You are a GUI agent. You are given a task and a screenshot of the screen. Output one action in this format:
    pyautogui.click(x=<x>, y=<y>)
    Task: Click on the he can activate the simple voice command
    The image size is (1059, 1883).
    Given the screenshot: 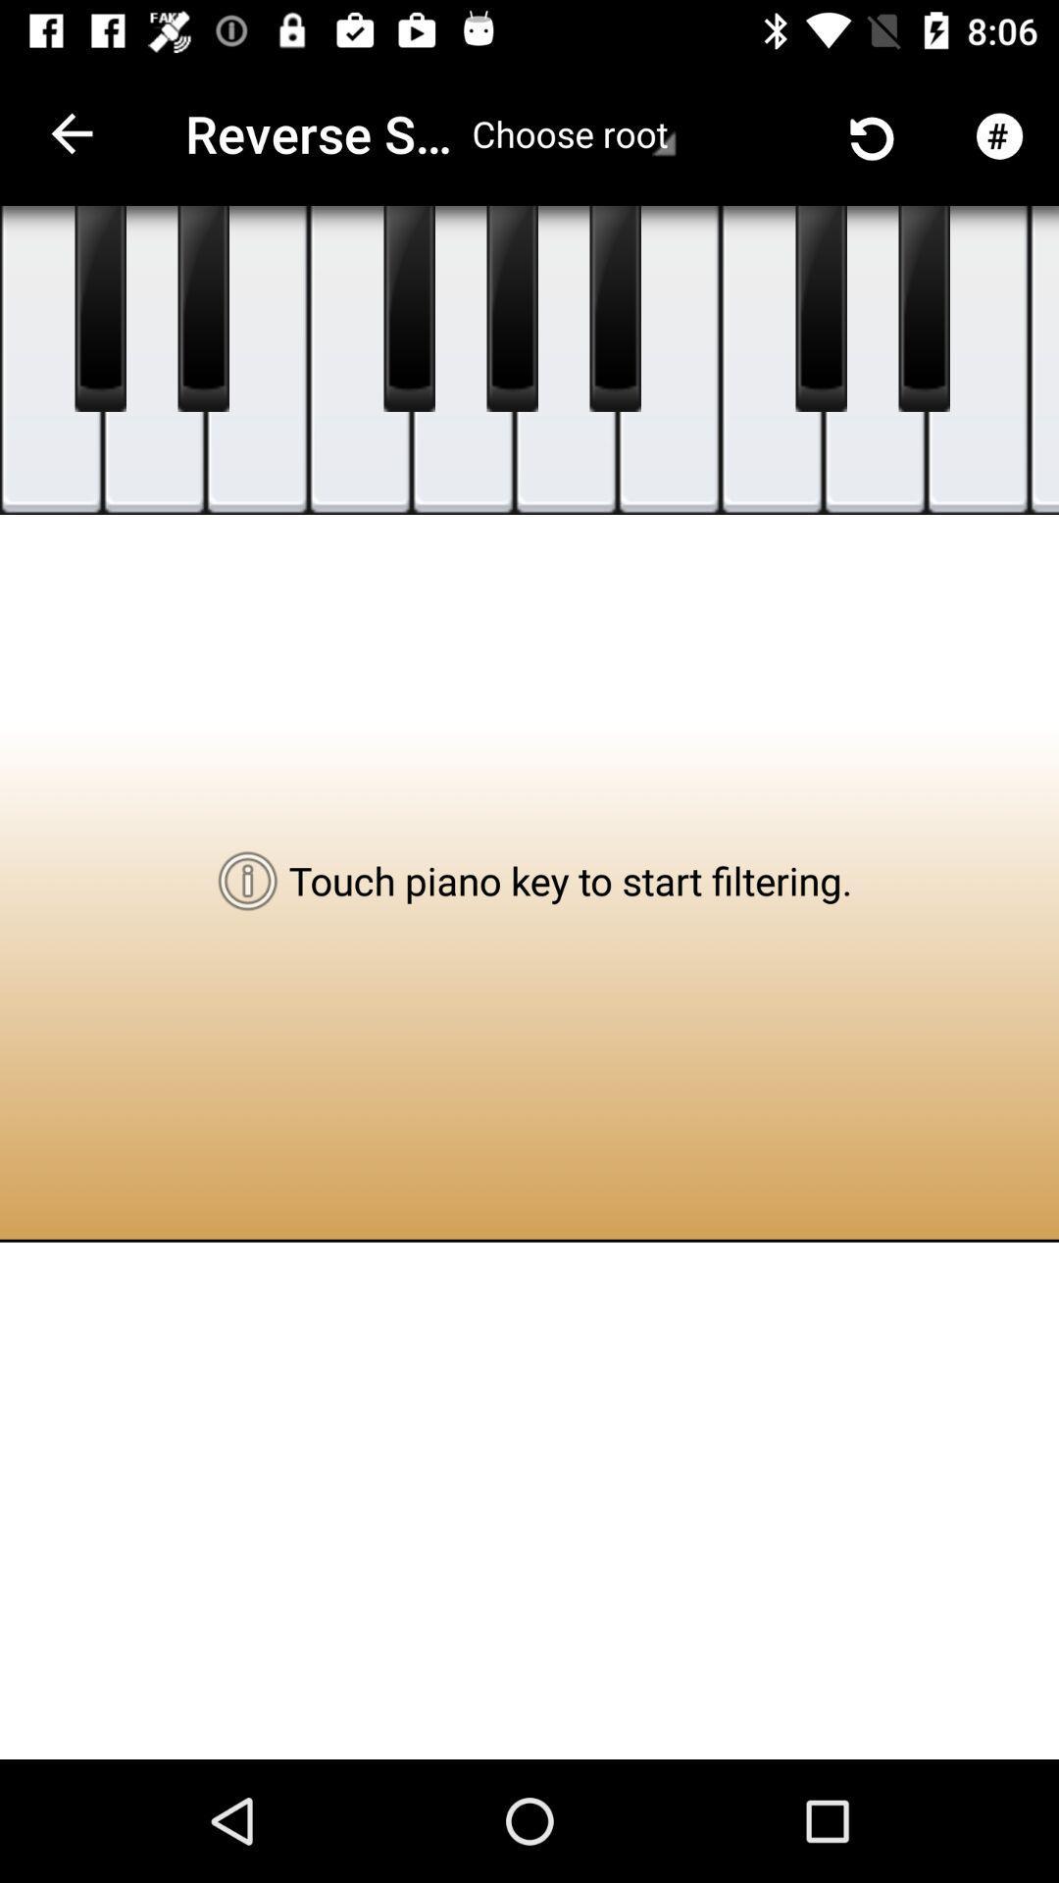 What is the action you would take?
    pyautogui.click(x=924, y=308)
    